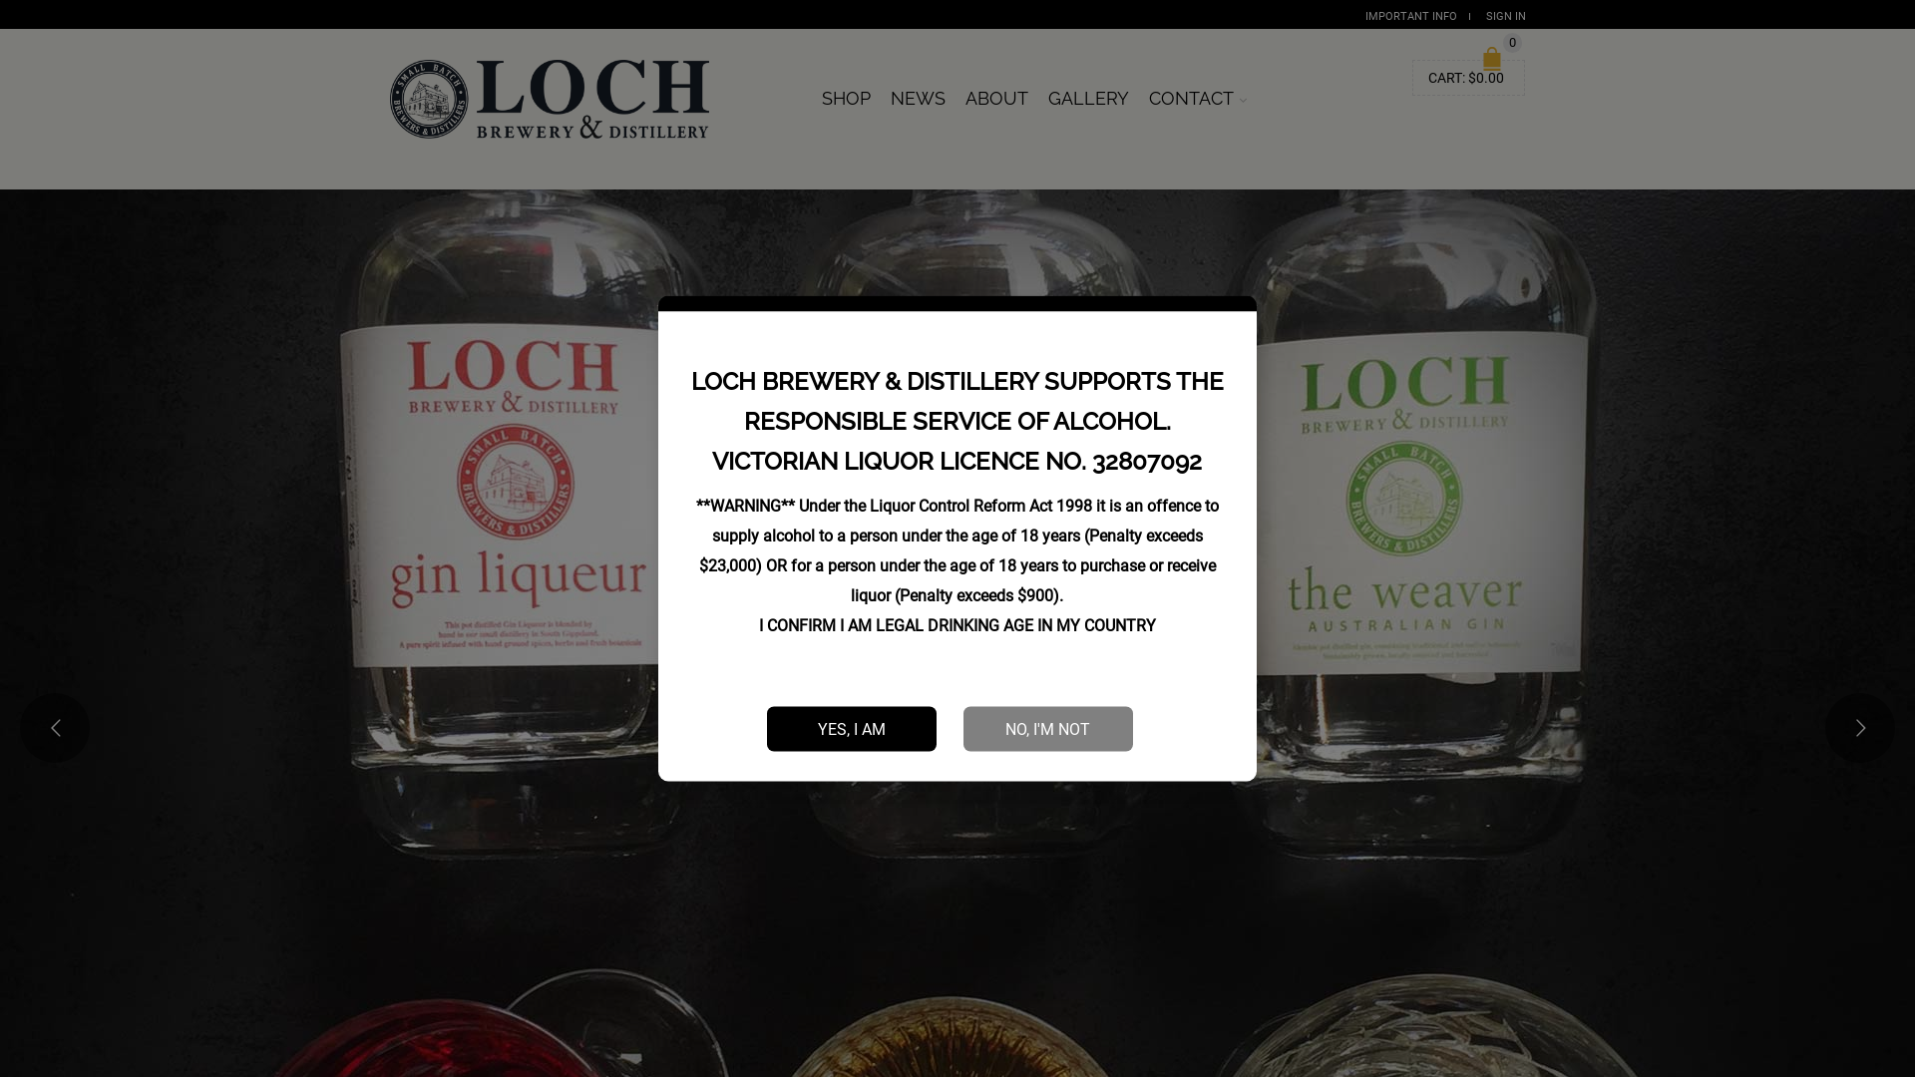 The height and width of the screenshot is (1077, 1915). Describe the element at coordinates (917, 99) in the screenshot. I see `'NEWS'` at that location.